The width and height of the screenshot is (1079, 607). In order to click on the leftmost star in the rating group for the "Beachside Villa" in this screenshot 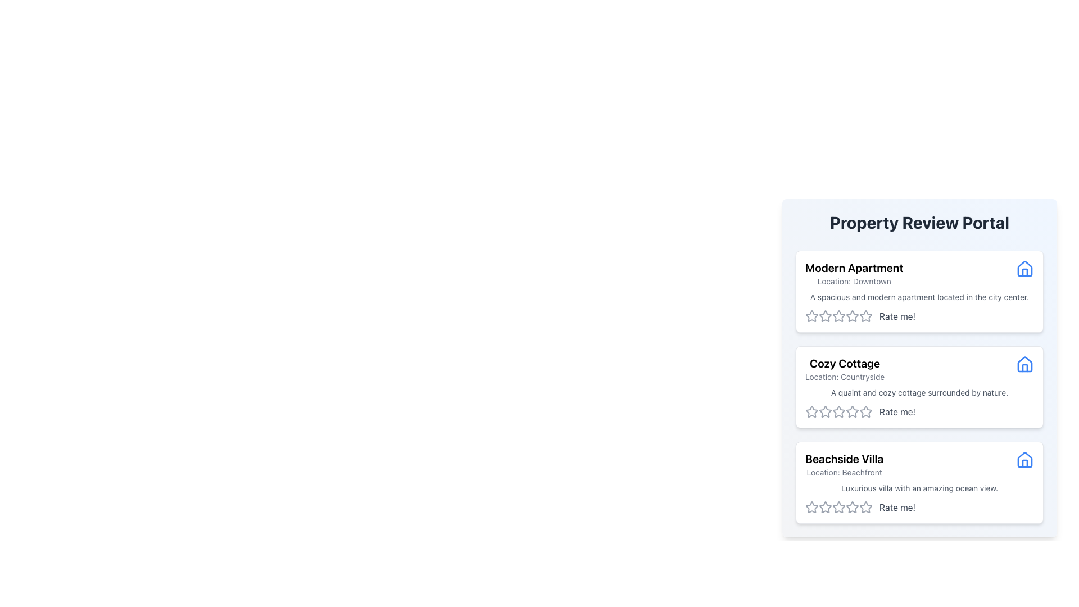, I will do `click(811, 507)`.